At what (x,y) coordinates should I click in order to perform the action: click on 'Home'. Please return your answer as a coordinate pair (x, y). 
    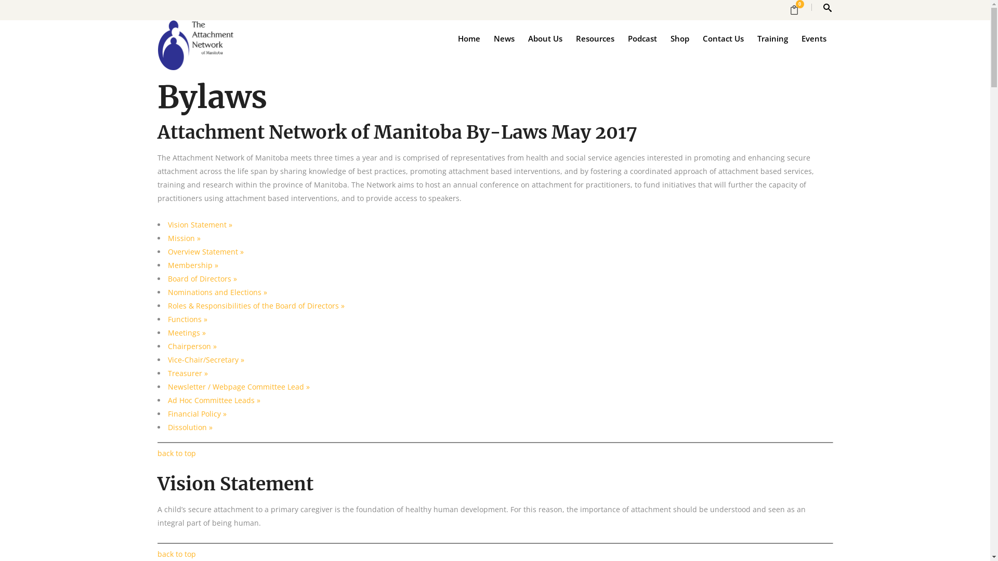
    Looking at the image, I should click on (468, 37).